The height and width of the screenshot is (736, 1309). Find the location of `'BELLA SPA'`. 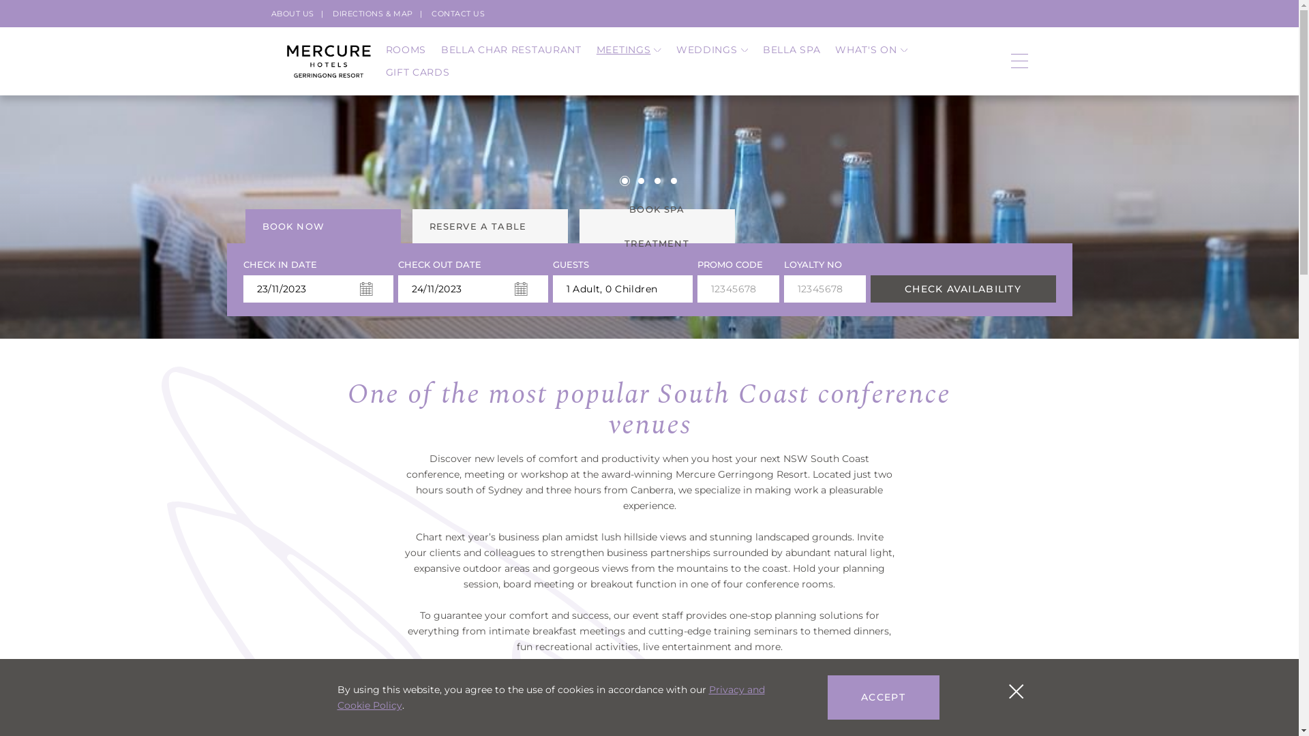

'BELLA SPA' is located at coordinates (792, 49).